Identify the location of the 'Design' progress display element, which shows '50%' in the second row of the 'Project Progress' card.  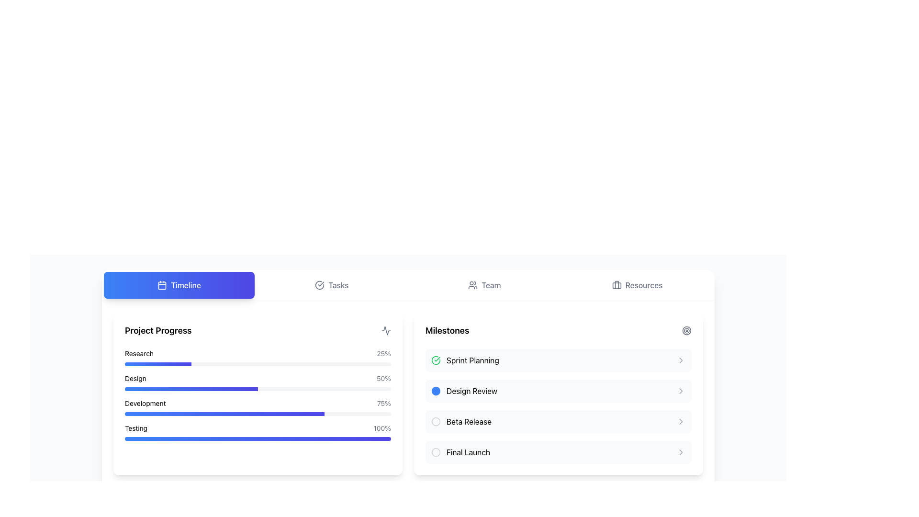
(258, 378).